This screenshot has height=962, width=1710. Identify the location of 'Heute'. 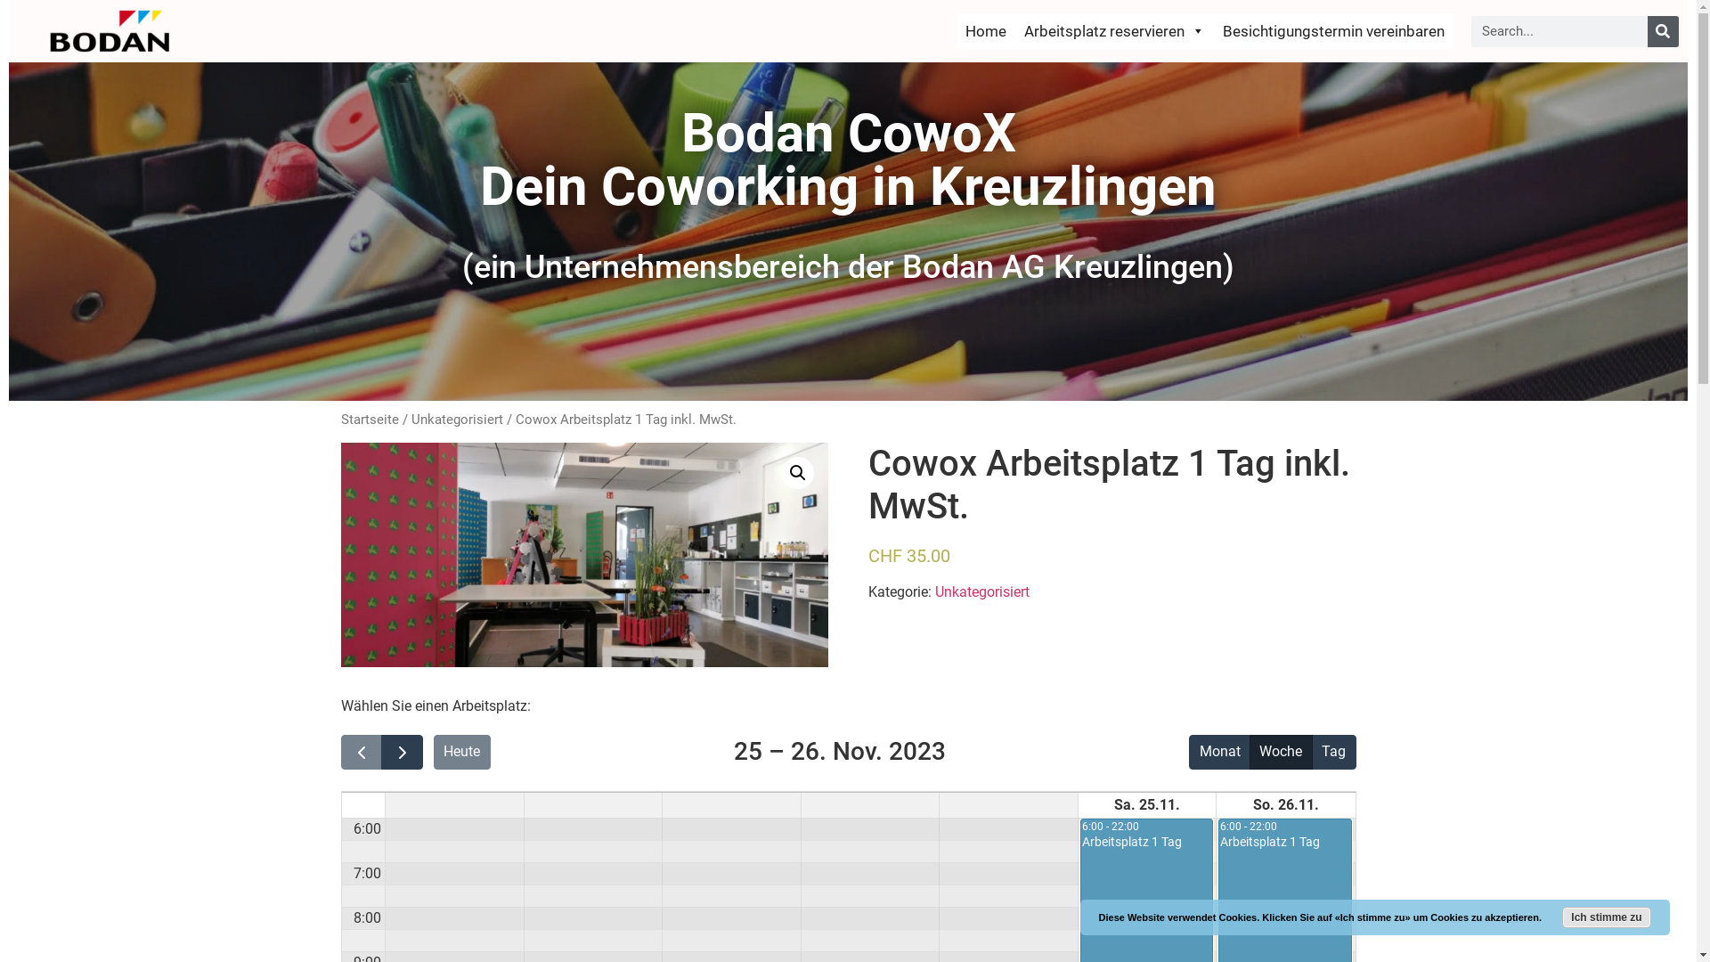
(461, 752).